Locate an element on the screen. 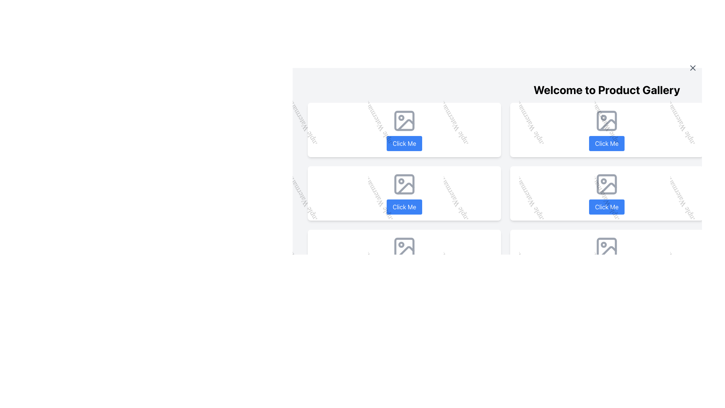 Image resolution: width=725 pixels, height=408 pixels. the image placeholder icon with a gray outline resembling a photo, located in the second row of the product gallery above the 'Click Me' button is located at coordinates (607, 184).